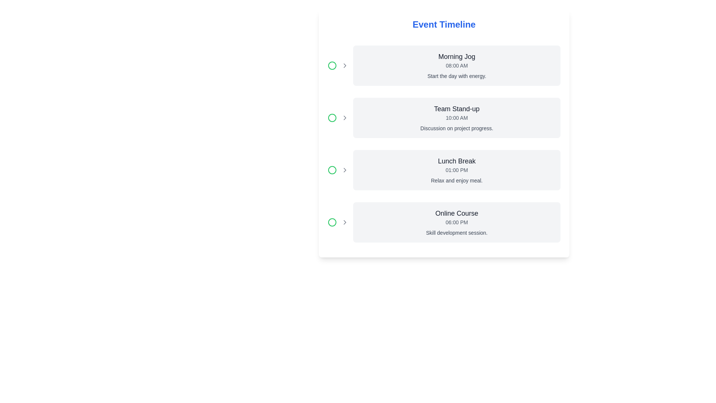 This screenshot has width=716, height=403. I want to click on the Text Label displaying the time of the 'Lunch Break' event, which is positioned below the title 'Lunch Break' and above the description 'Relax and enjoy meal.', so click(456, 170).